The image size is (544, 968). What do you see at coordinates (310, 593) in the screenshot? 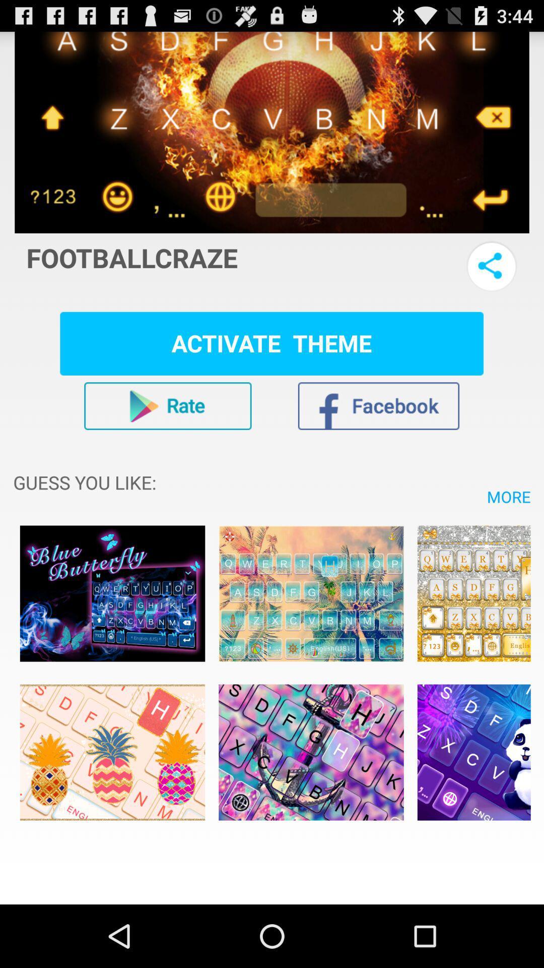
I see `virtual keyboard theme` at bounding box center [310, 593].